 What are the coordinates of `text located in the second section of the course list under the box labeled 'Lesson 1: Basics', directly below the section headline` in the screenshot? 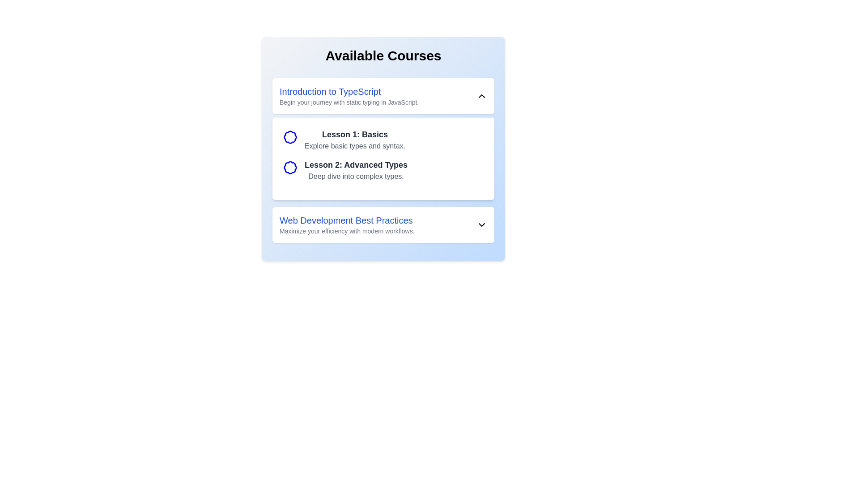 It's located at (354, 146).